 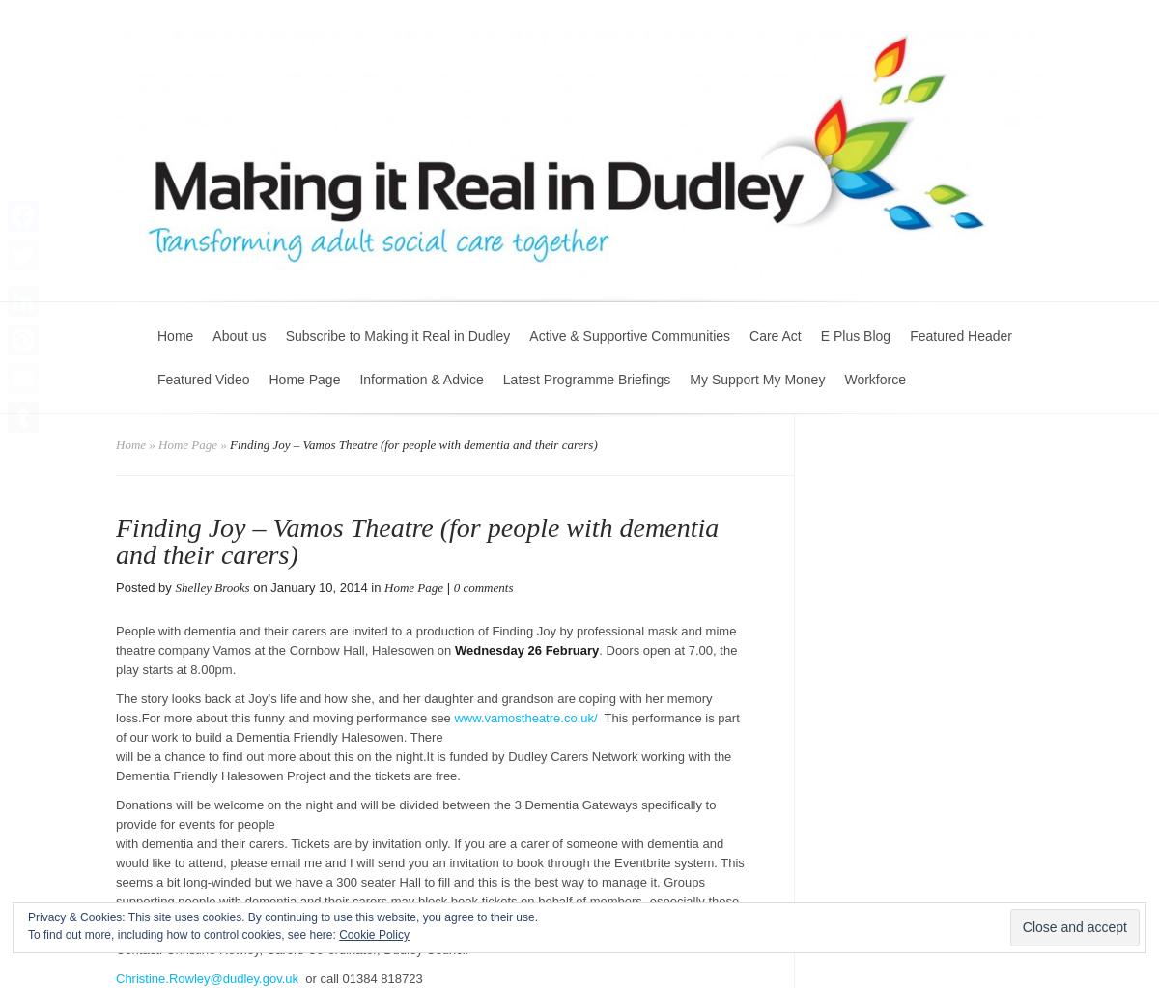 What do you see at coordinates (426, 659) in the screenshot?
I see `'. Doors open at 7.00, the play starts at 8.00pm.'` at bounding box center [426, 659].